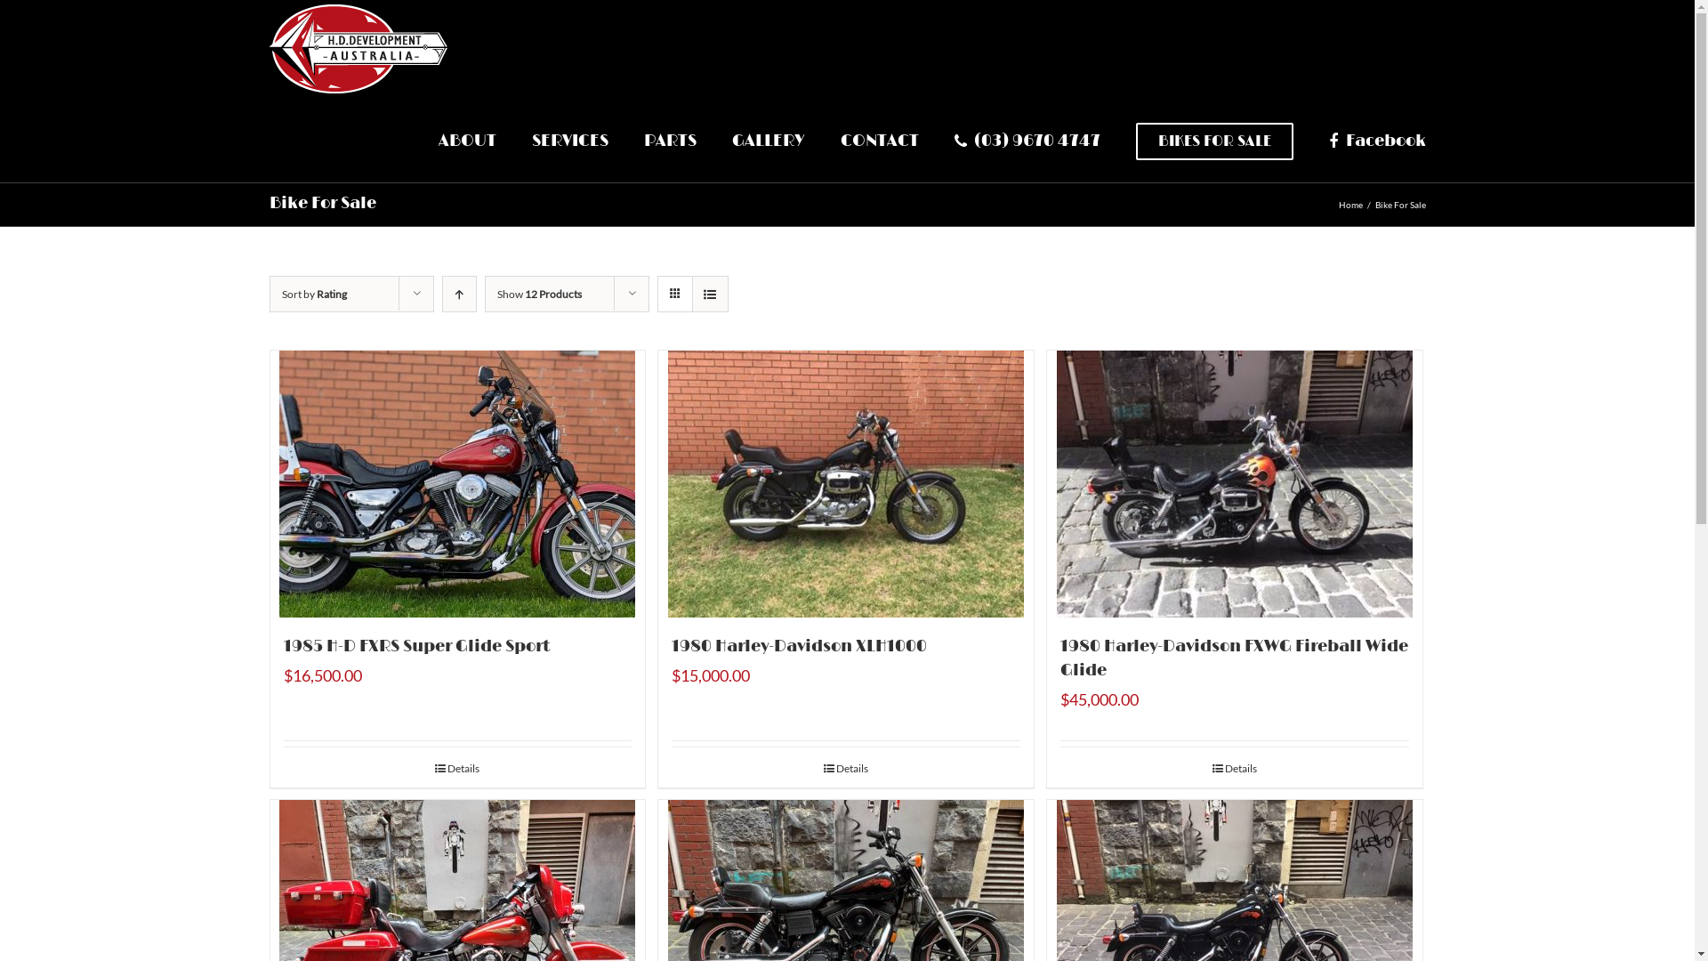 The image size is (1708, 961). I want to click on 'Sort by Rating', so click(313, 293).